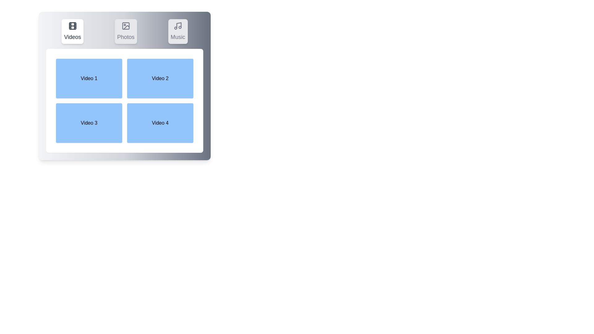  I want to click on the Video 4 Box to observe the hover effect, so click(160, 123).